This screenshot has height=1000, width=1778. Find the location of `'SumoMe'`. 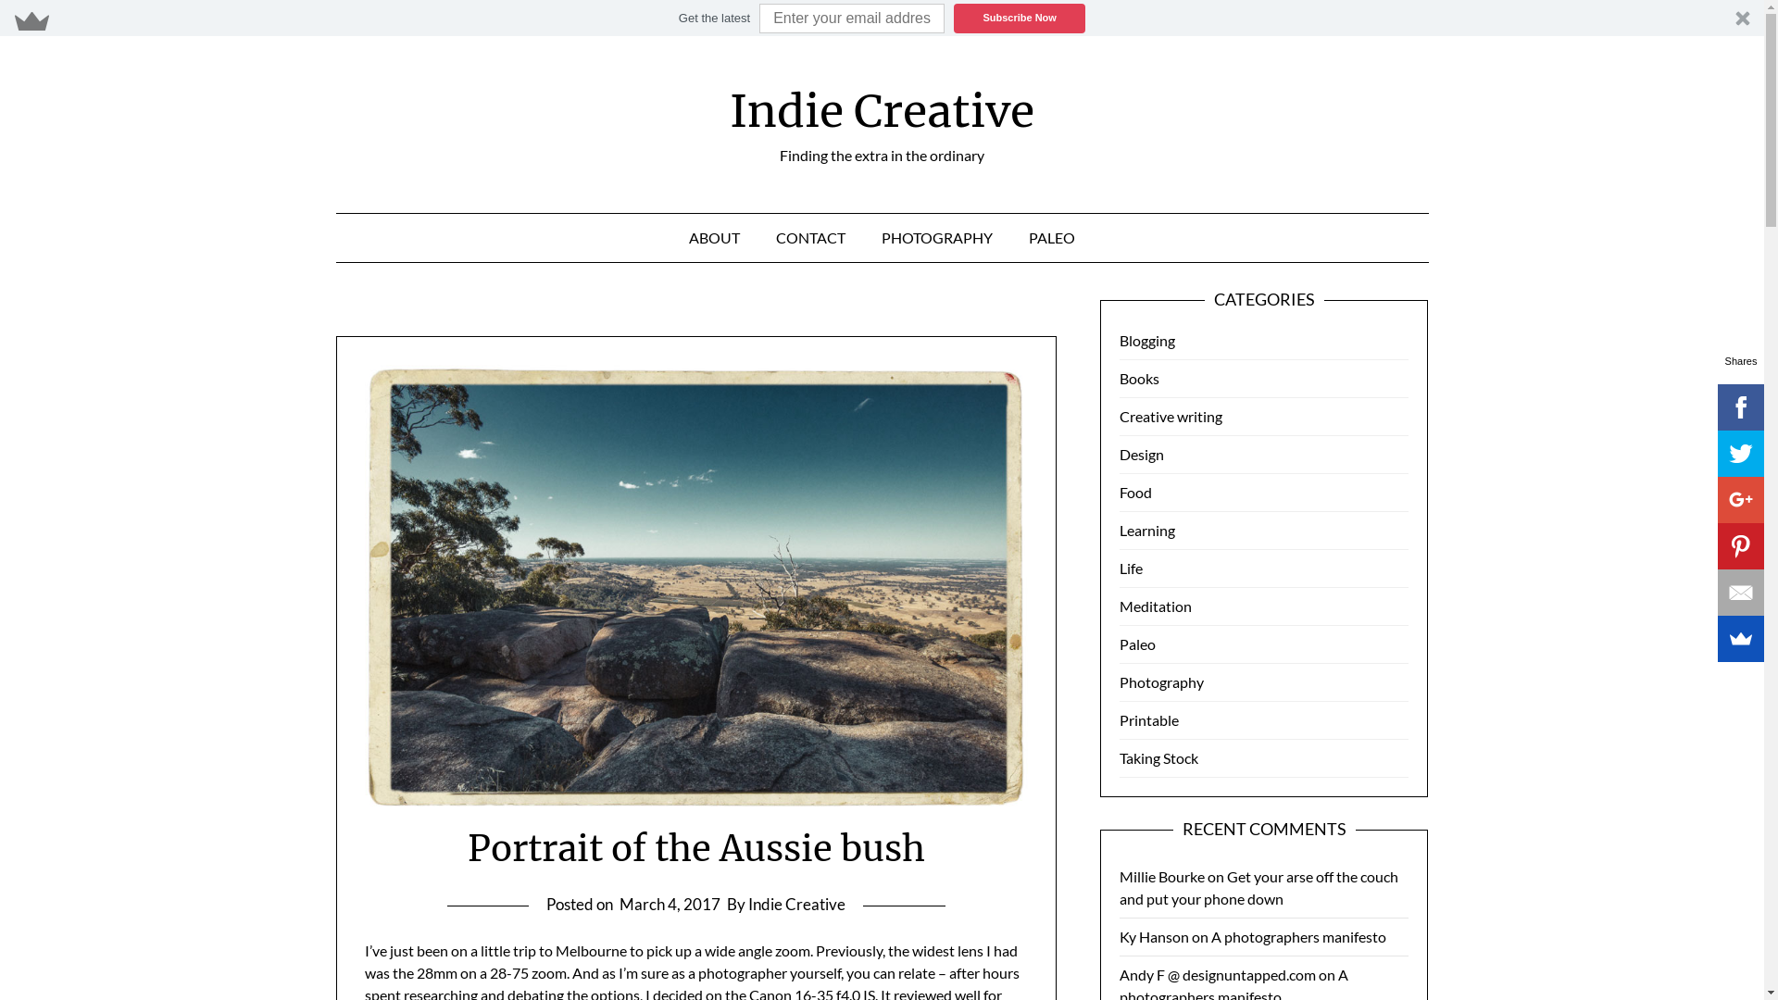

'SumoMe' is located at coordinates (1740, 638).